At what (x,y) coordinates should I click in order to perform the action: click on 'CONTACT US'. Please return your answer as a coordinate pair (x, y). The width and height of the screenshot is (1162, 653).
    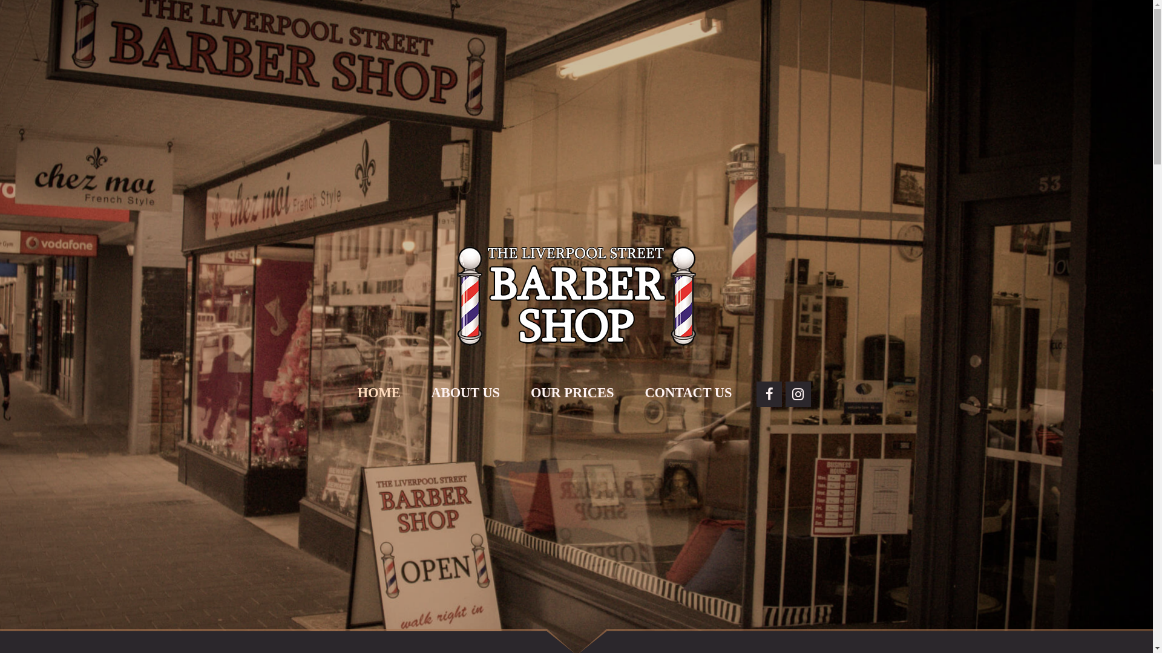
    Looking at the image, I should click on (688, 393).